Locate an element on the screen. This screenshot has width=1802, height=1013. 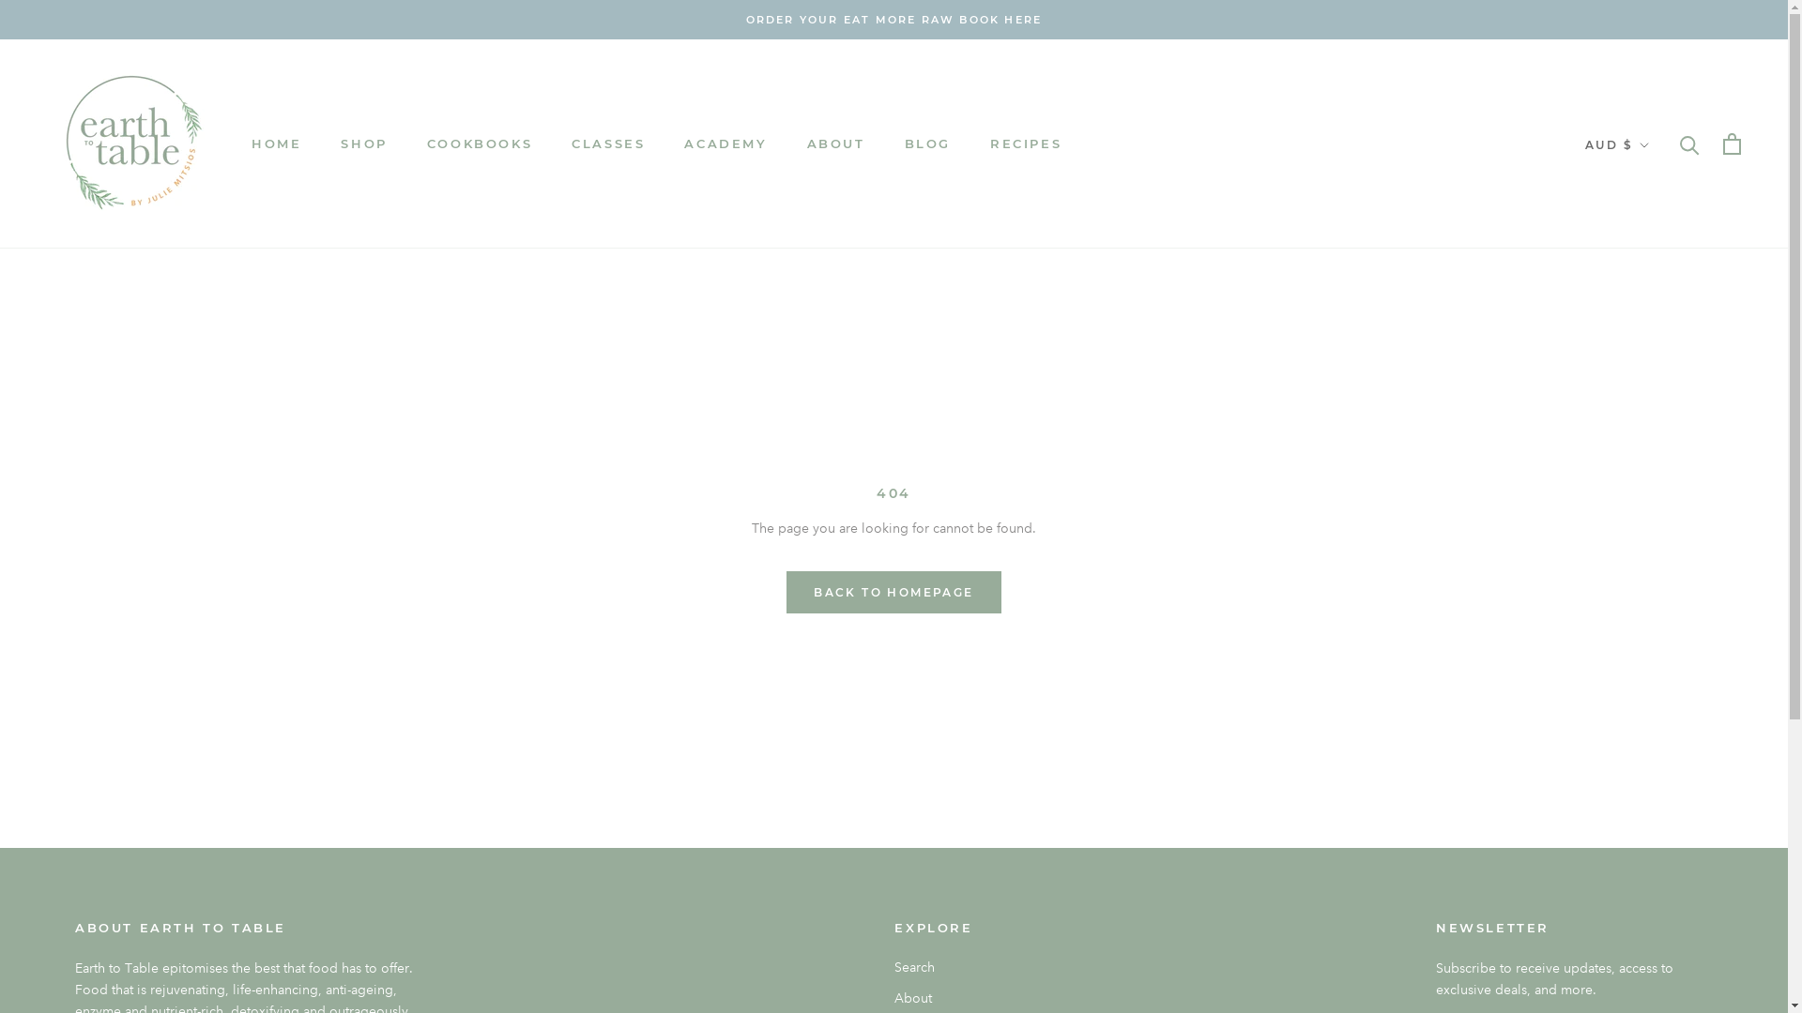
'BLOG is located at coordinates (927, 143).